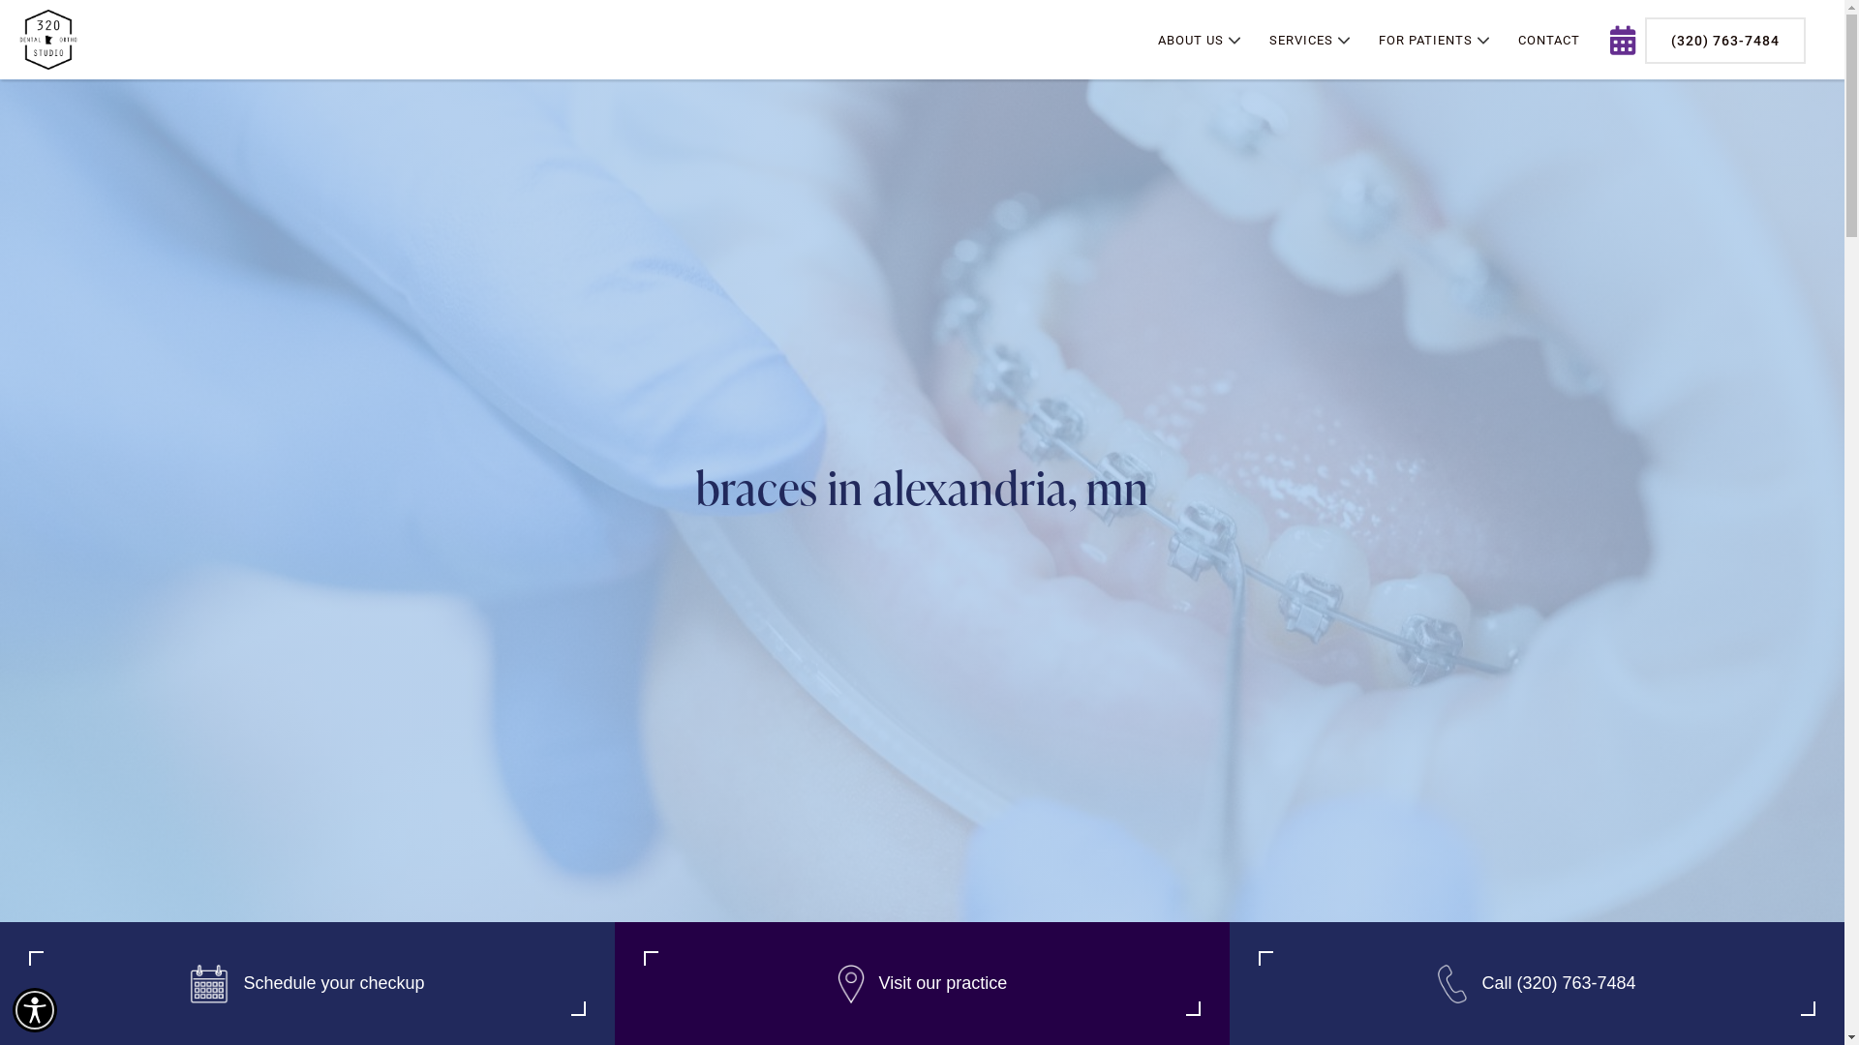 The width and height of the screenshot is (1859, 1045). What do you see at coordinates (1724, 41) in the screenshot?
I see `'(320) 763-7484'` at bounding box center [1724, 41].